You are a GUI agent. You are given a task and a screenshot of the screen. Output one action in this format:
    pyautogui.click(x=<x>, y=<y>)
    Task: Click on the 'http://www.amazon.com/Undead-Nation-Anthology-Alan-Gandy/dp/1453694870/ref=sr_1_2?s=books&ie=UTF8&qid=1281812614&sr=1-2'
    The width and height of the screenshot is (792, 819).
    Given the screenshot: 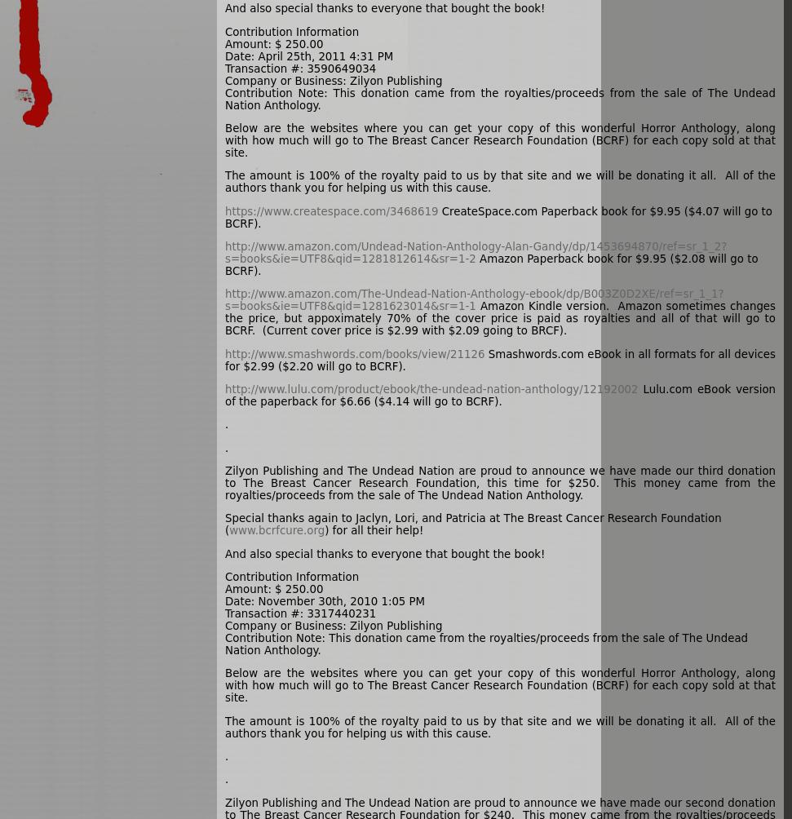 What is the action you would take?
    pyautogui.click(x=223, y=252)
    